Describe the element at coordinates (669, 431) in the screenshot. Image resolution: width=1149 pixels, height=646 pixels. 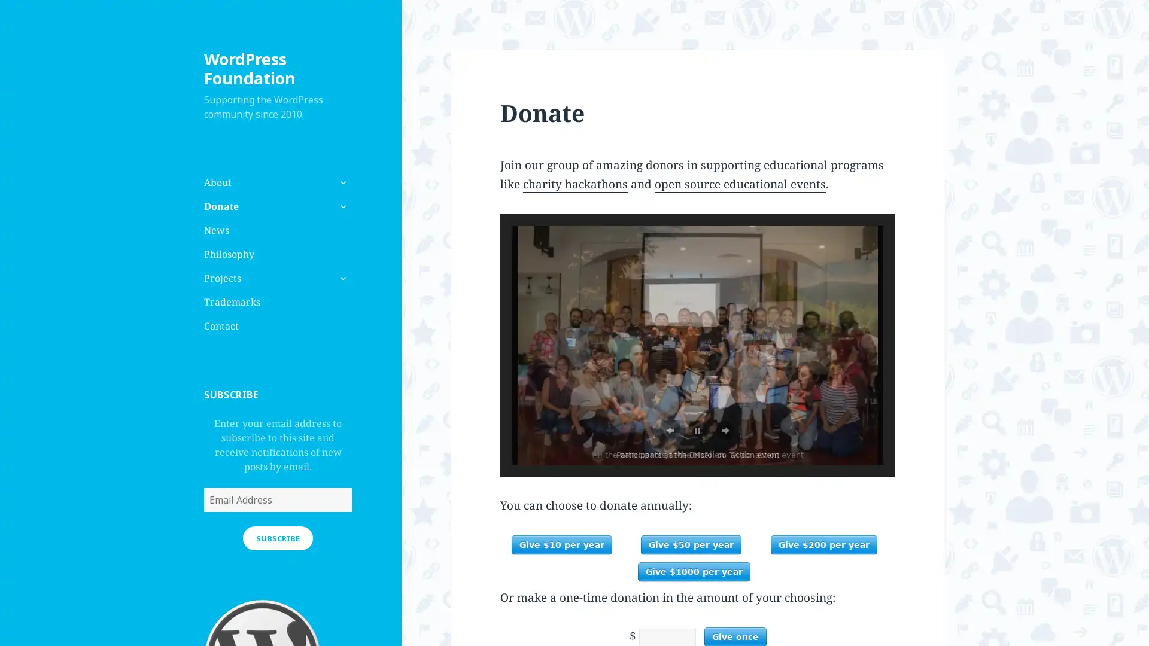
I see `Previous Slide` at that location.